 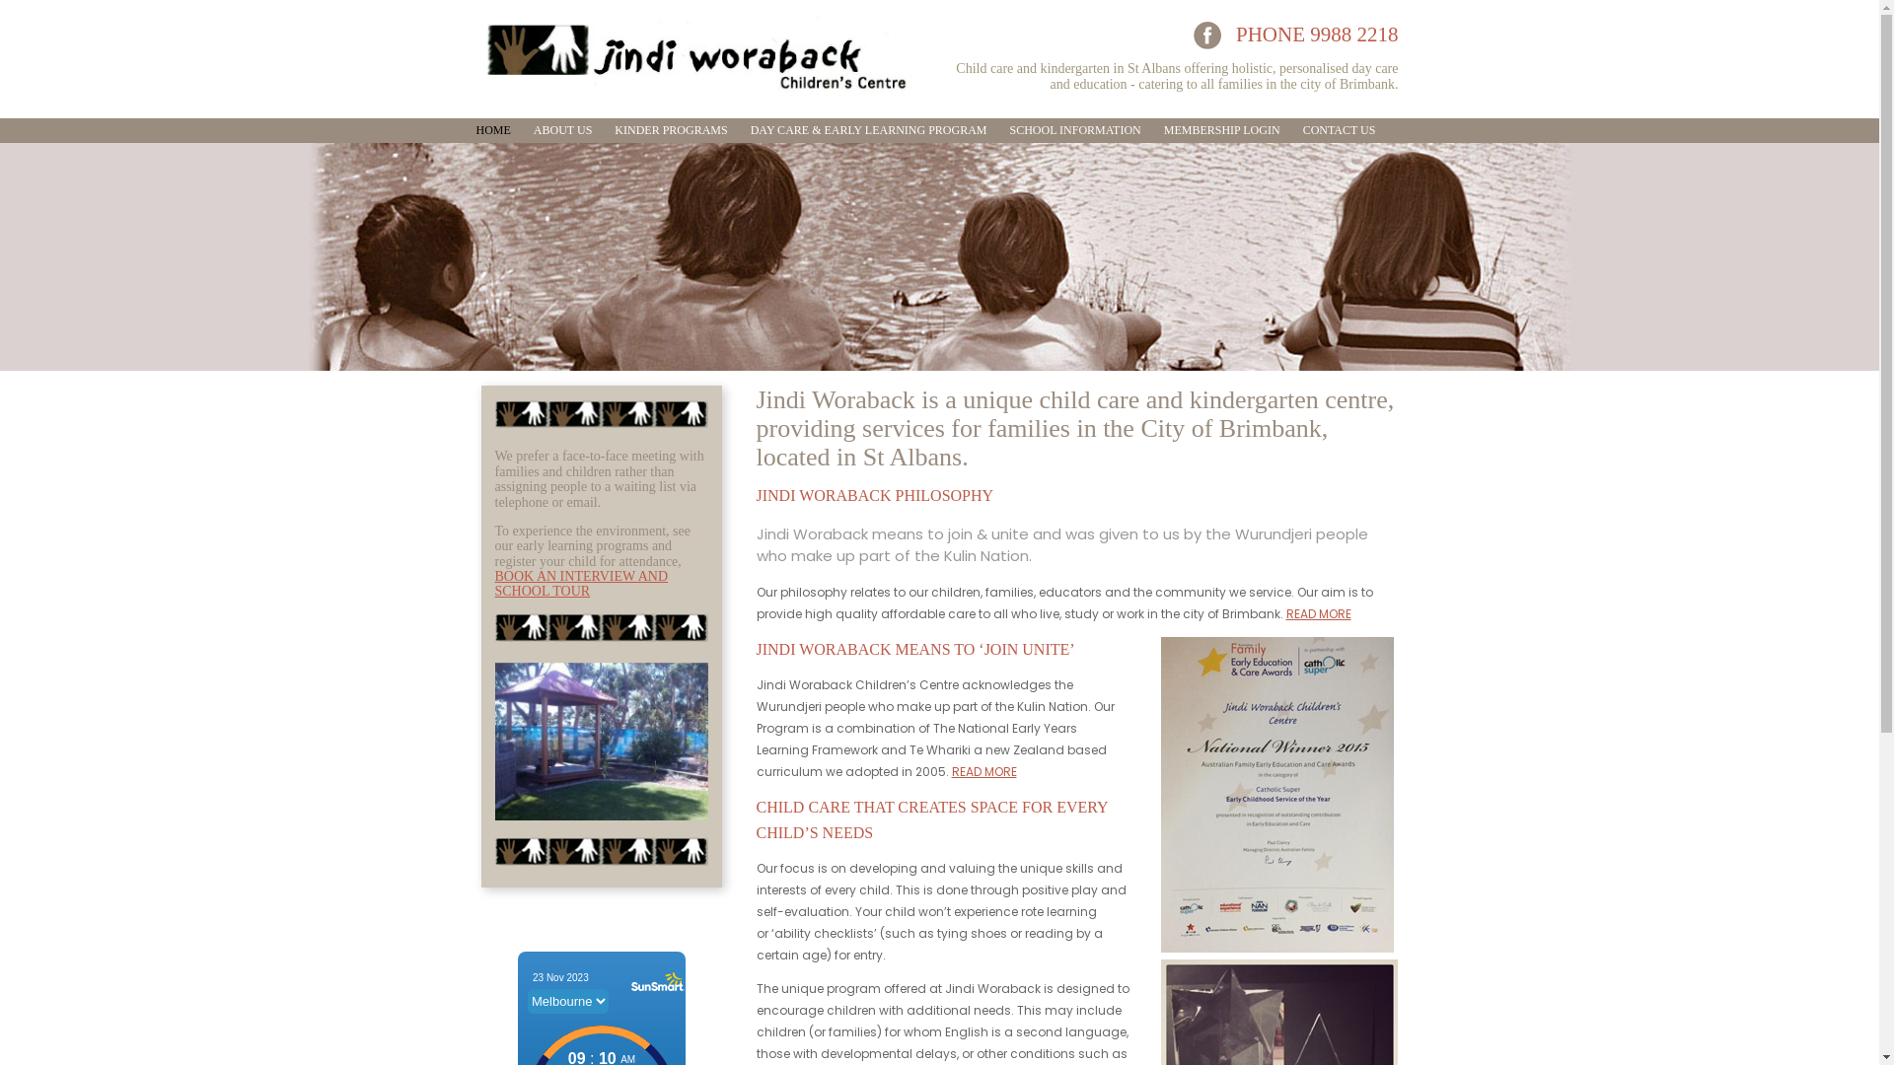 I want to click on 'SCHOOL INFORMATION', so click(x=1073, y=130).